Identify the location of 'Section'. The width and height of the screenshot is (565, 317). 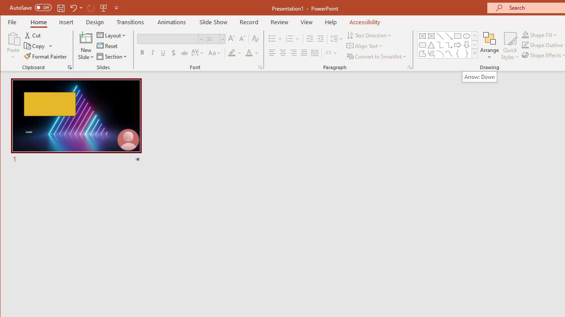
(112, 56).